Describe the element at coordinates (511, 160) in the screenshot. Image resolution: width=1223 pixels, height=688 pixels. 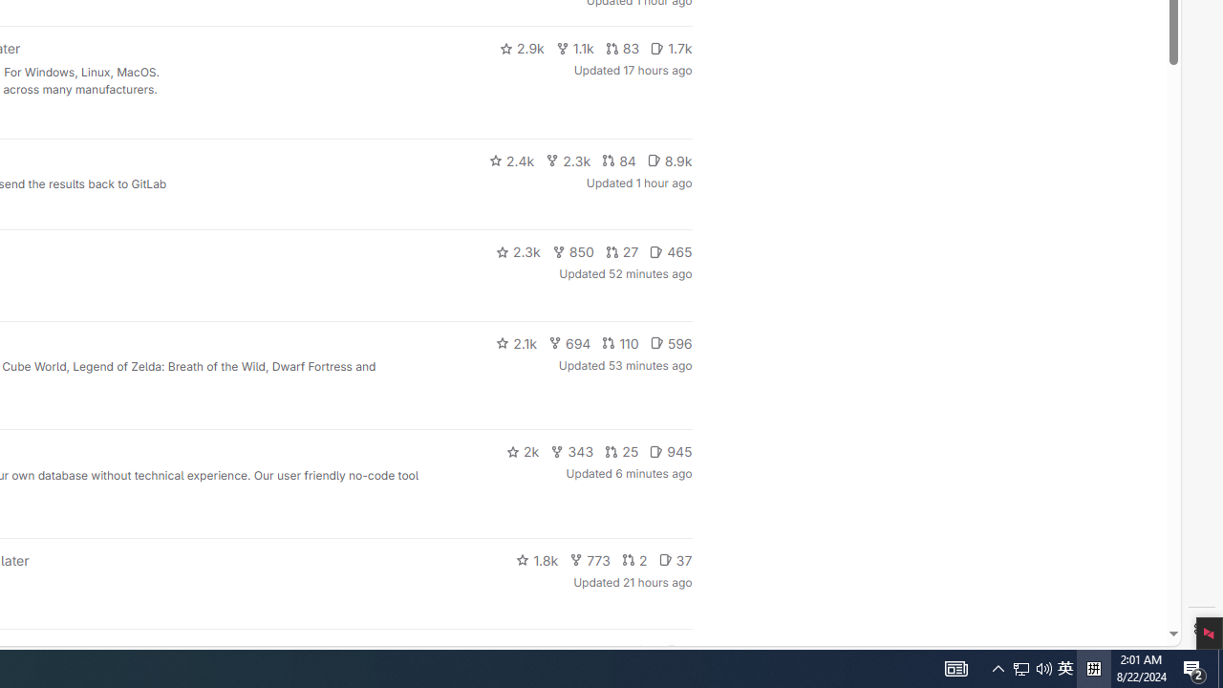
I see `'2.4k'` at that location.